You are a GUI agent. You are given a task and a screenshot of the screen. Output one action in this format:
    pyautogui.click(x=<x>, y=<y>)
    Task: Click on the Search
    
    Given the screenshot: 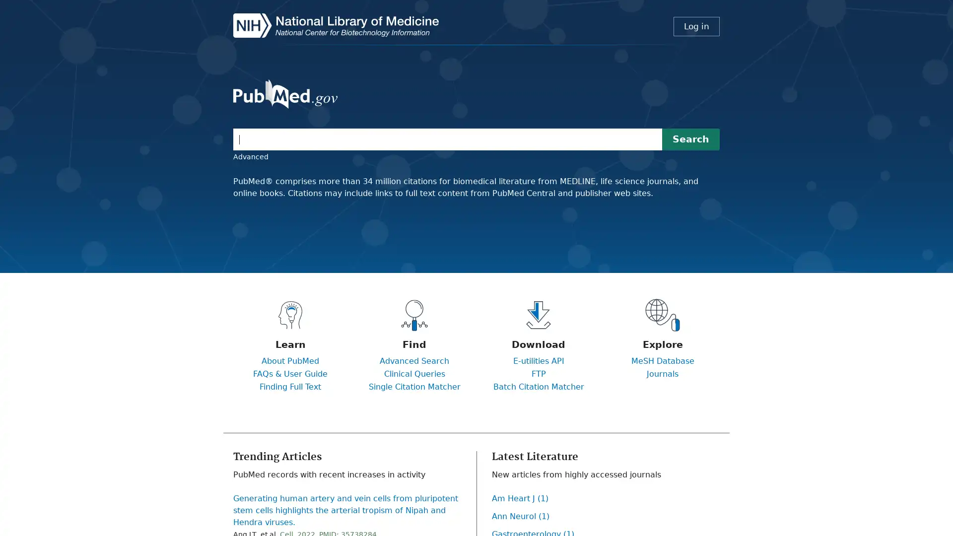 What is the action you would take?
    pyautogui.click(x=690, y=139)
    